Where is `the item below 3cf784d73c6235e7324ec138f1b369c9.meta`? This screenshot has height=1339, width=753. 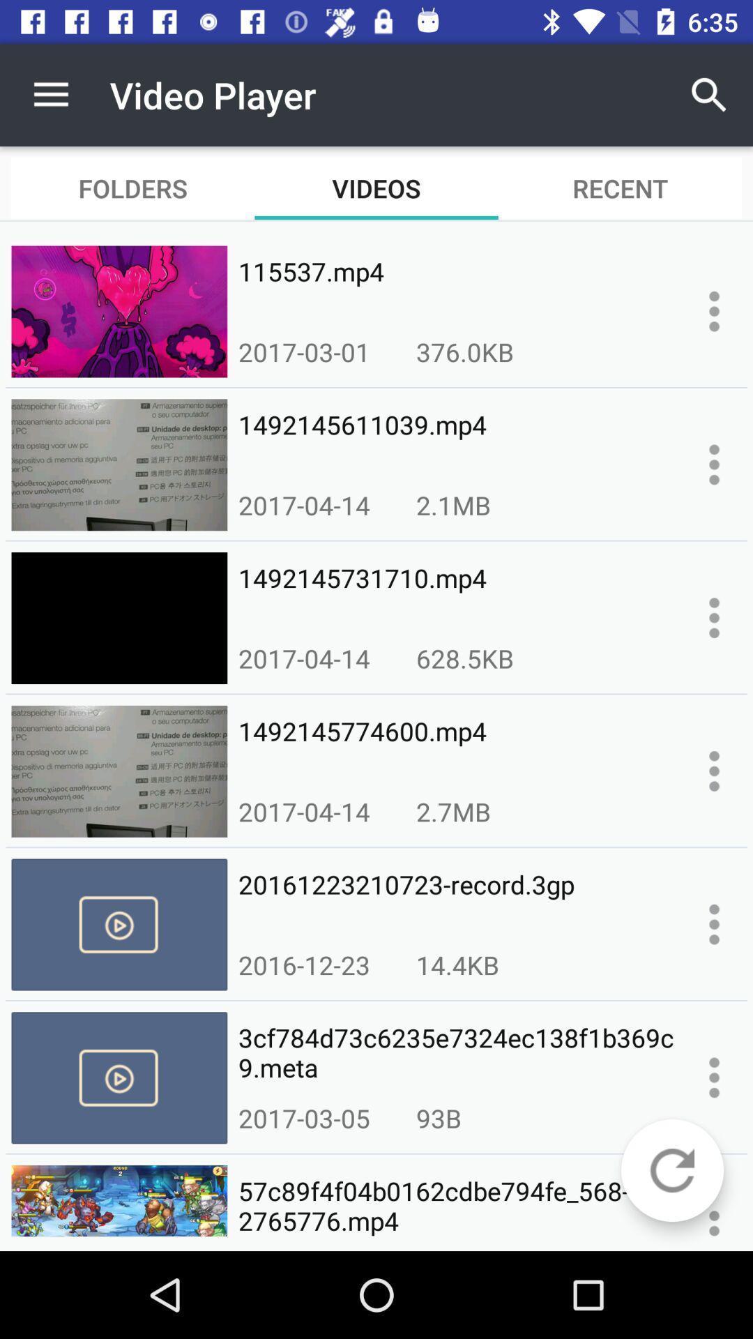 the item below 3cf784d73c6235e7324ec138f1b369c9.meta is located at coordinates (671, 1170).